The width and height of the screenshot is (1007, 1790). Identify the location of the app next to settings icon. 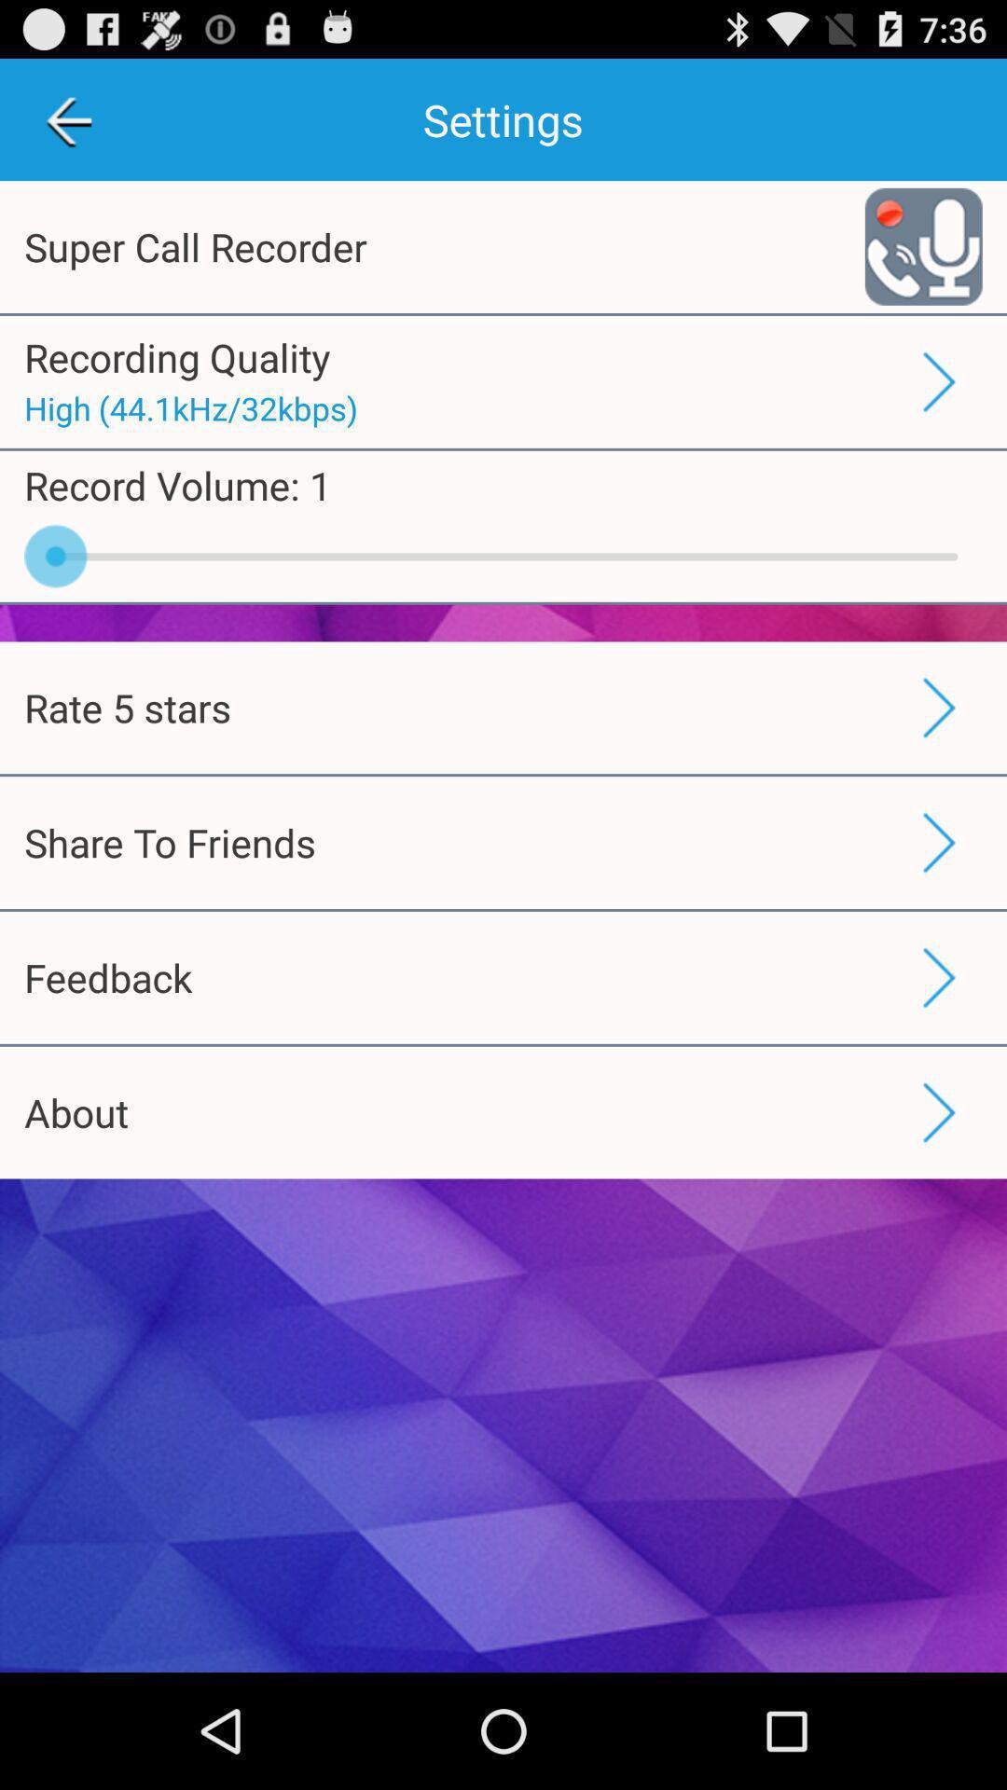
(67, 118).